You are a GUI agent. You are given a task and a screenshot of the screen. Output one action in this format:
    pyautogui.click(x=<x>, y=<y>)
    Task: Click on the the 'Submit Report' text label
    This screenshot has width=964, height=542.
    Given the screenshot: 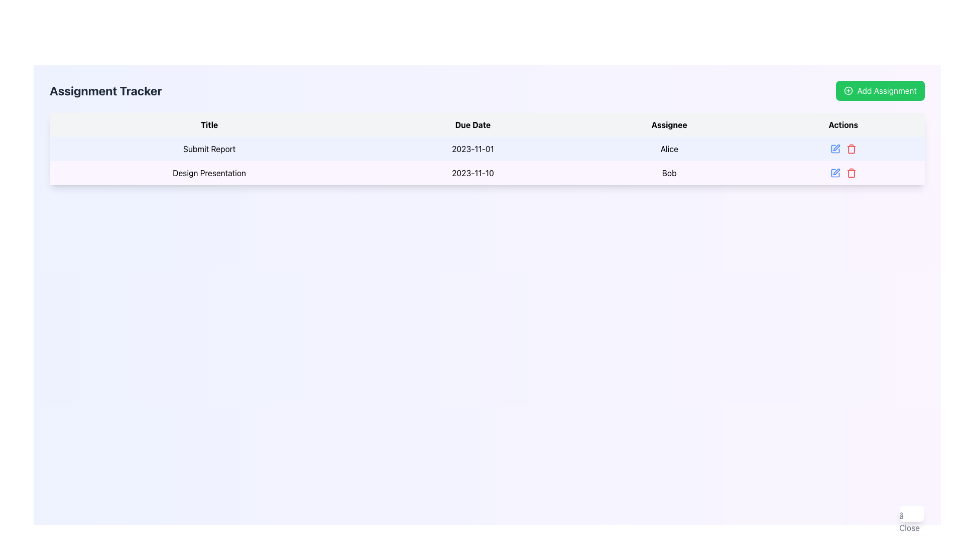 What is the action you would take?
    pyautogui.click(x=209, y=149)
    